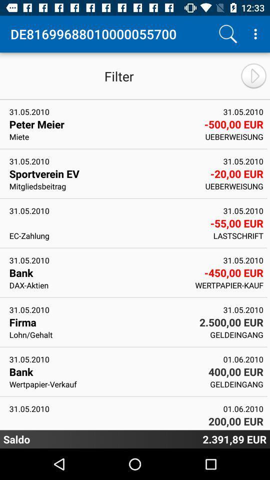 This screenshot has width=270, height=480. What do you see at coordinates (105, 334) in the screenshot?
I see `icon above the 31.05.2010 item` at bounding box center [105, 334].